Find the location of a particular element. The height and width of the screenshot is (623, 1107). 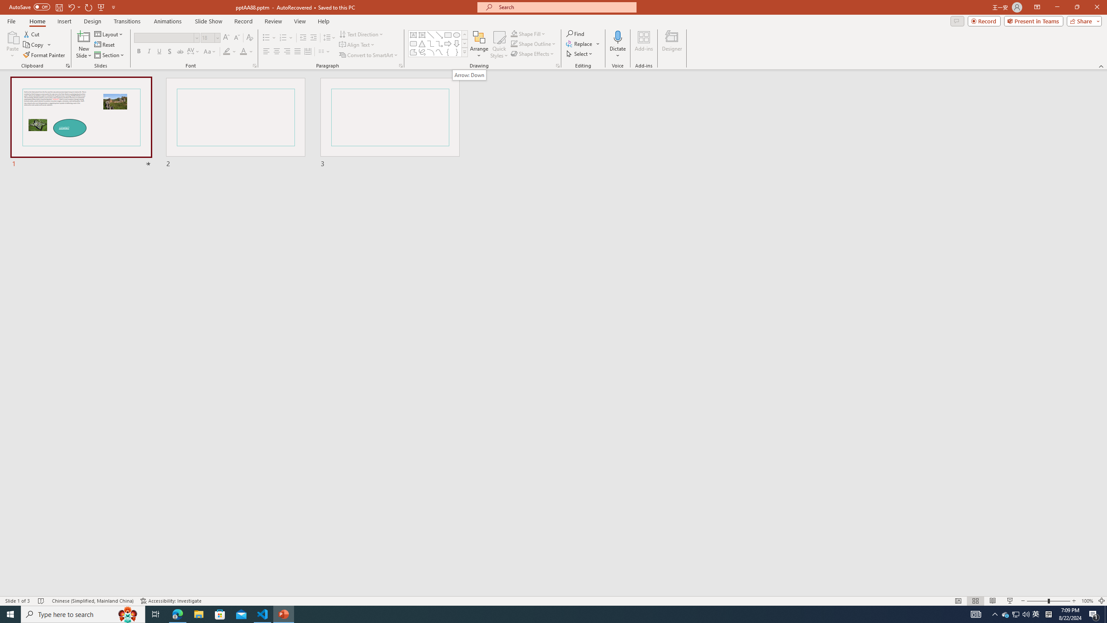

'Shape Fill' is located at coordinates (528, 33).